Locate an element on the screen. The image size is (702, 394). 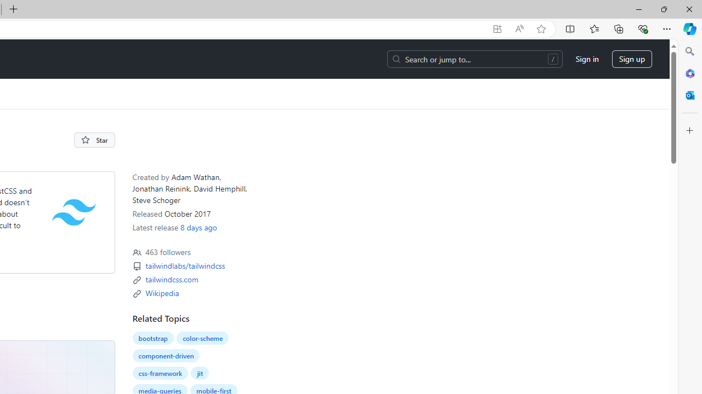
'bootstrap' is located at coordinates (152, 338).